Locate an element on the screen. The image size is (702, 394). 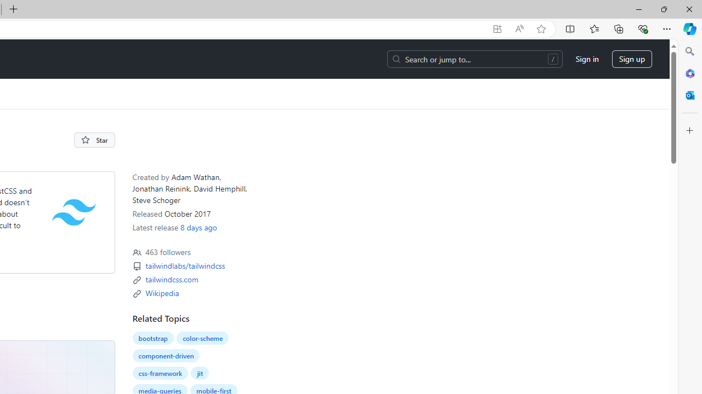
'bootstrap' is located at coordinates (152, 338).